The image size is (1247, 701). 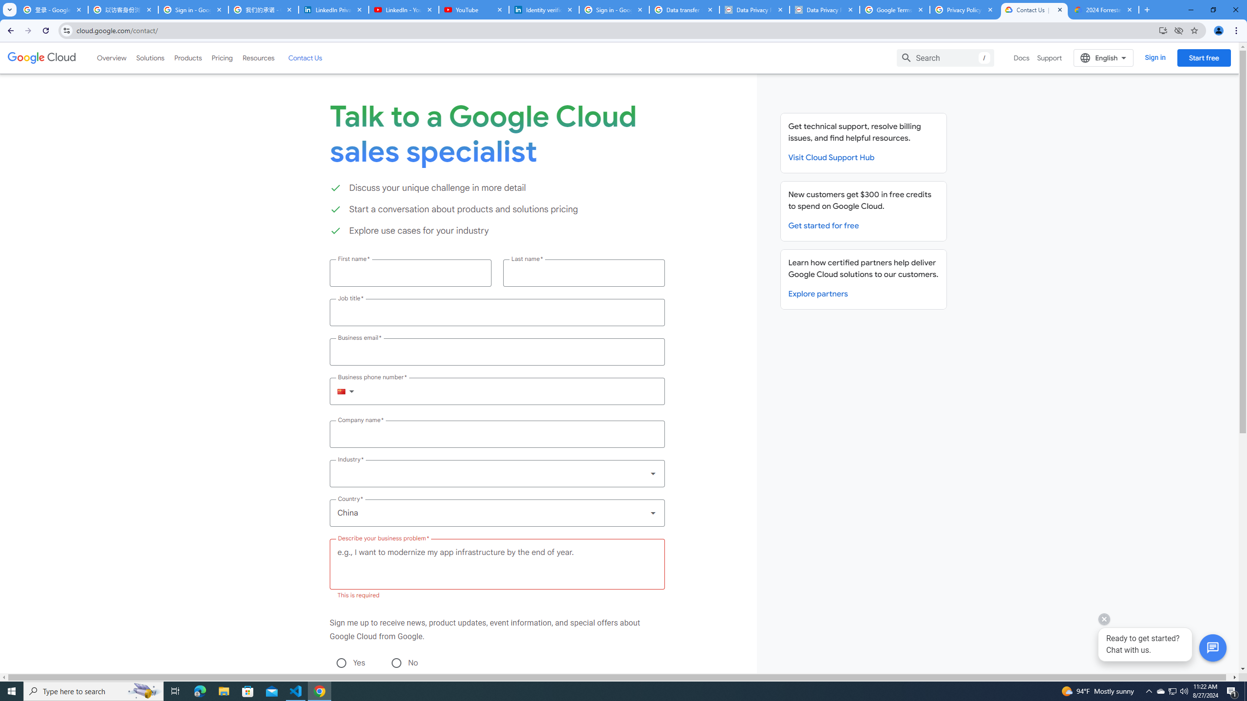 What do you see at coordinates (496, 352) in the screenshot?
I see `'Business email *'` at bounding box center [496, 352].